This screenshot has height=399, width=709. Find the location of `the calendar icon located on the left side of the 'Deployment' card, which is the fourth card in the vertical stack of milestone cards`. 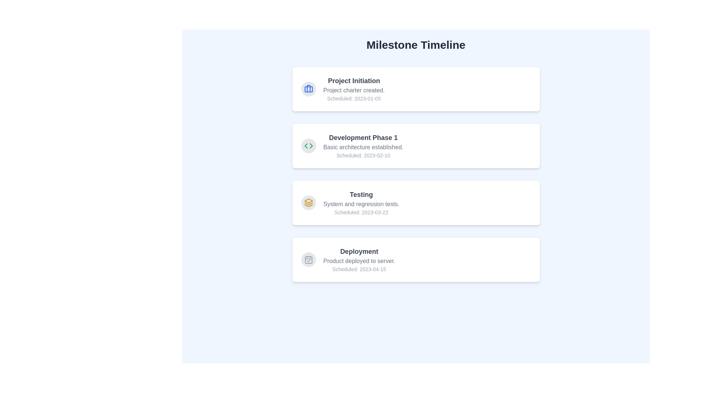

the calendar icon located on the left side of the 'Deployment' card, which is the fourth card in the vertical stack of milestone cards is located at coordinates (308, 259).